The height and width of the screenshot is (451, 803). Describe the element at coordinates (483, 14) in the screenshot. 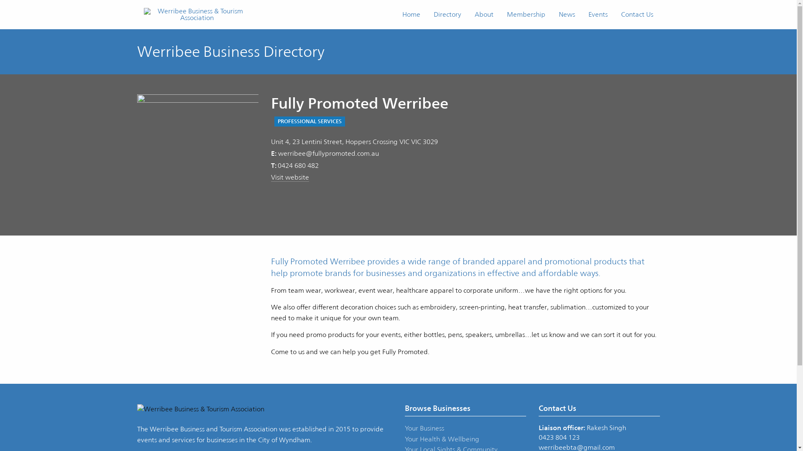

I see `'About'` at that location.